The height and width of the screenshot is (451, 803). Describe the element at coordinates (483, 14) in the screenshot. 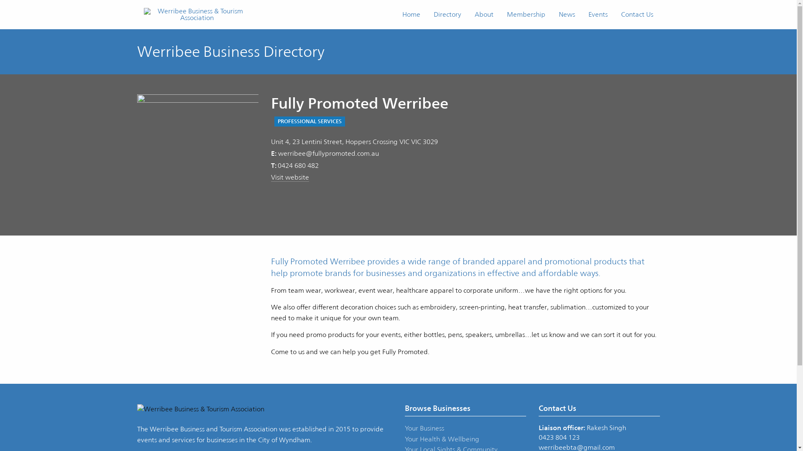

I see `'About'` at that location.